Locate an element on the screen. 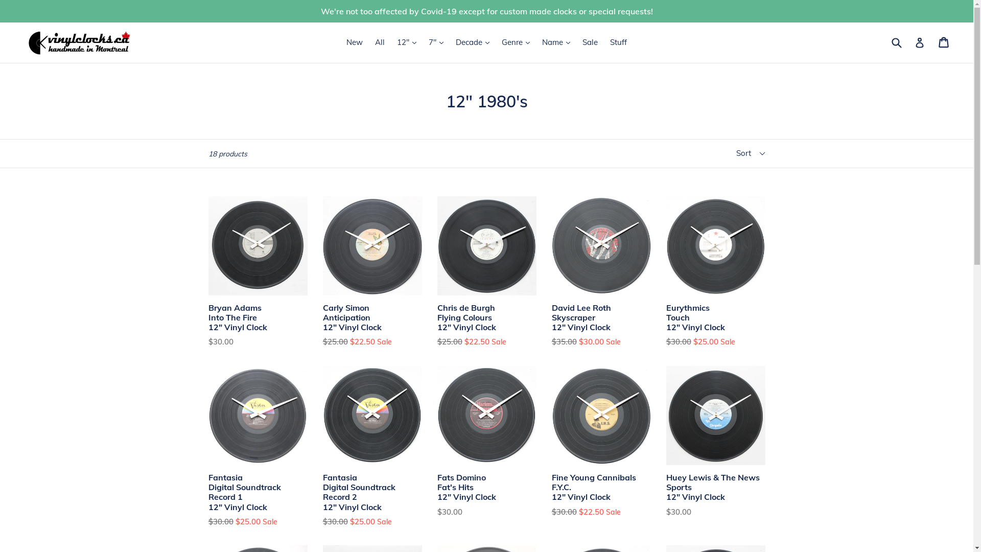 The image size is (981, 552). 'New' is located at coordinates (355, 42).